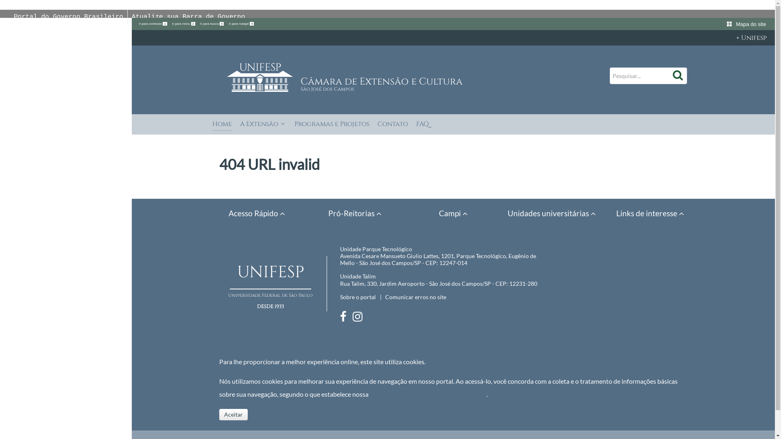 This screenshot has width=781, height=439. Describe the element at coordinates (358, 297) in the screenshot. I see `'Sobre o portal'` at that location.